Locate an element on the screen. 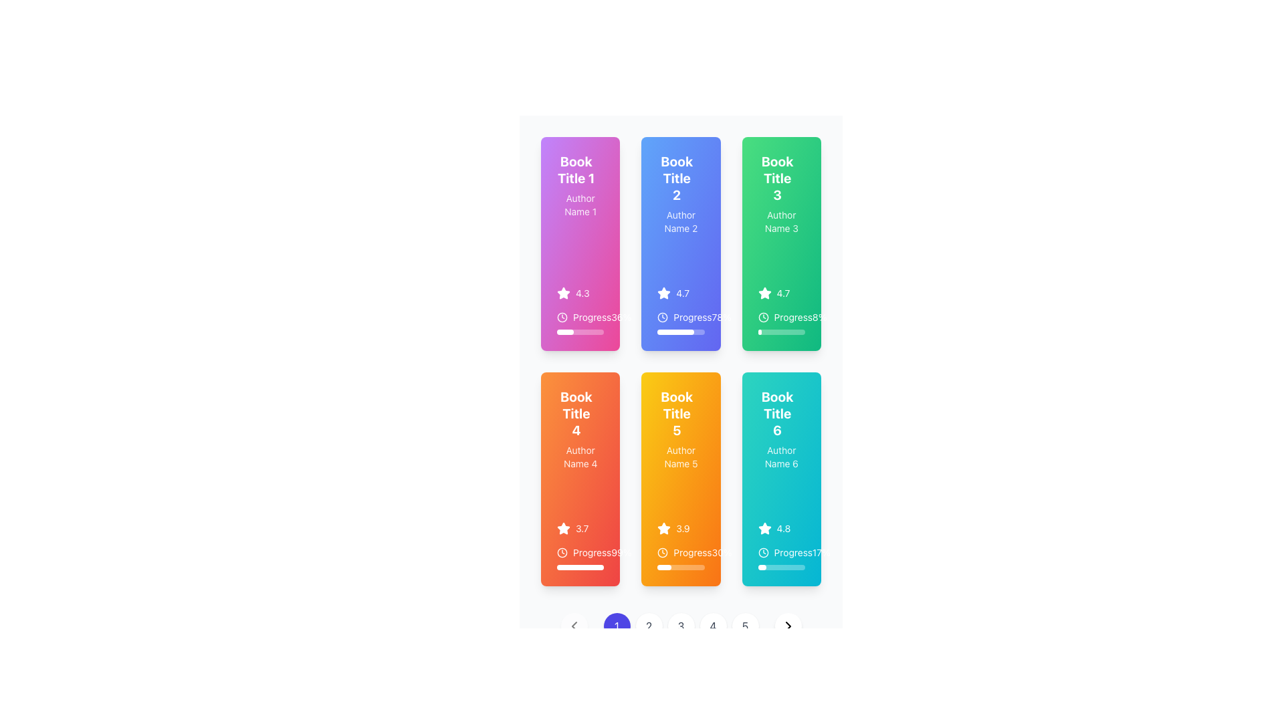  the text label displaying the rating value of the book, located in the bottom section of the first card in the top-left corner, to the right of the star icon is located at coordinates (582, 293).